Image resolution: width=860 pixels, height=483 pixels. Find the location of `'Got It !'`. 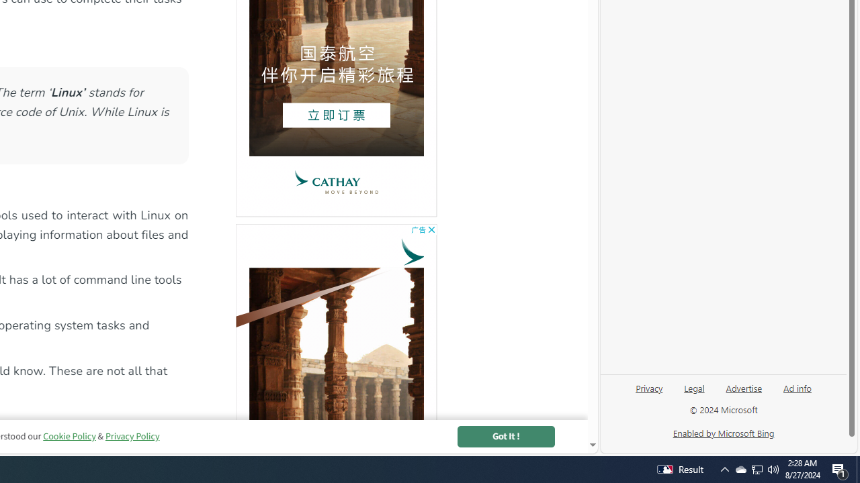

'Got It !' is located at coordinates (505, 436).